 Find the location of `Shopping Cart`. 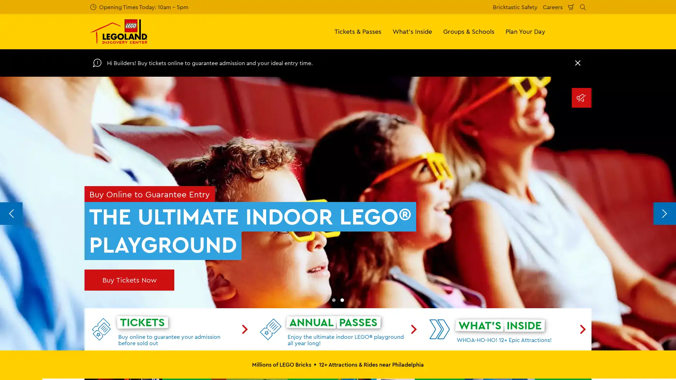

Shopping Cart is located at coordinates (571, 7).